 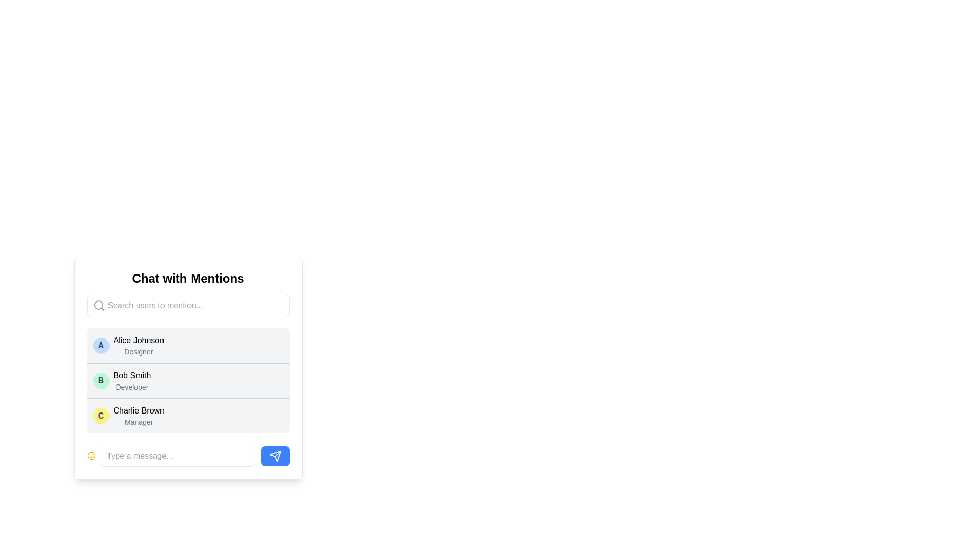 What do you see at coordinates (275, 455) in the screenshot?
I see `the send icon located inside the blue circular button on the far-right side of the input area` at bounding box center [275, 455].